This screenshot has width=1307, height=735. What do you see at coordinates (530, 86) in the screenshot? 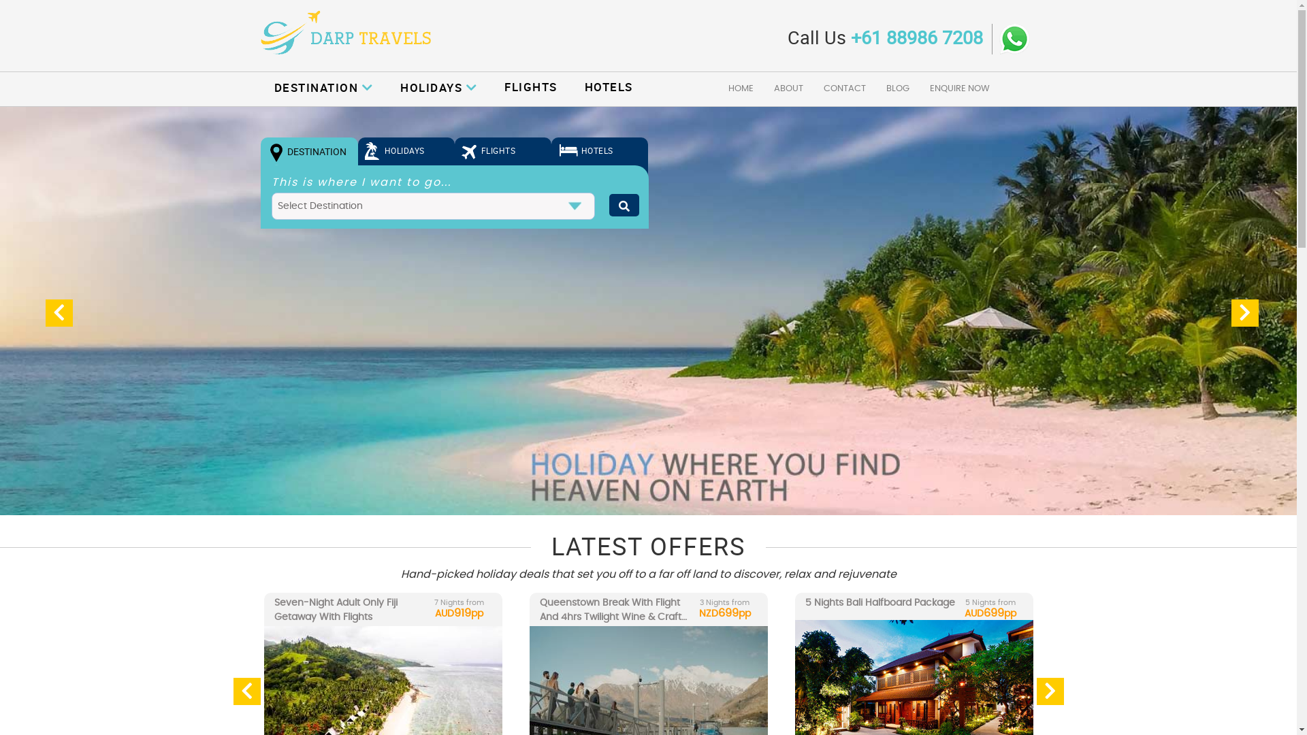
I see `'FLIGHTS'` at bounding box center [530, 86].